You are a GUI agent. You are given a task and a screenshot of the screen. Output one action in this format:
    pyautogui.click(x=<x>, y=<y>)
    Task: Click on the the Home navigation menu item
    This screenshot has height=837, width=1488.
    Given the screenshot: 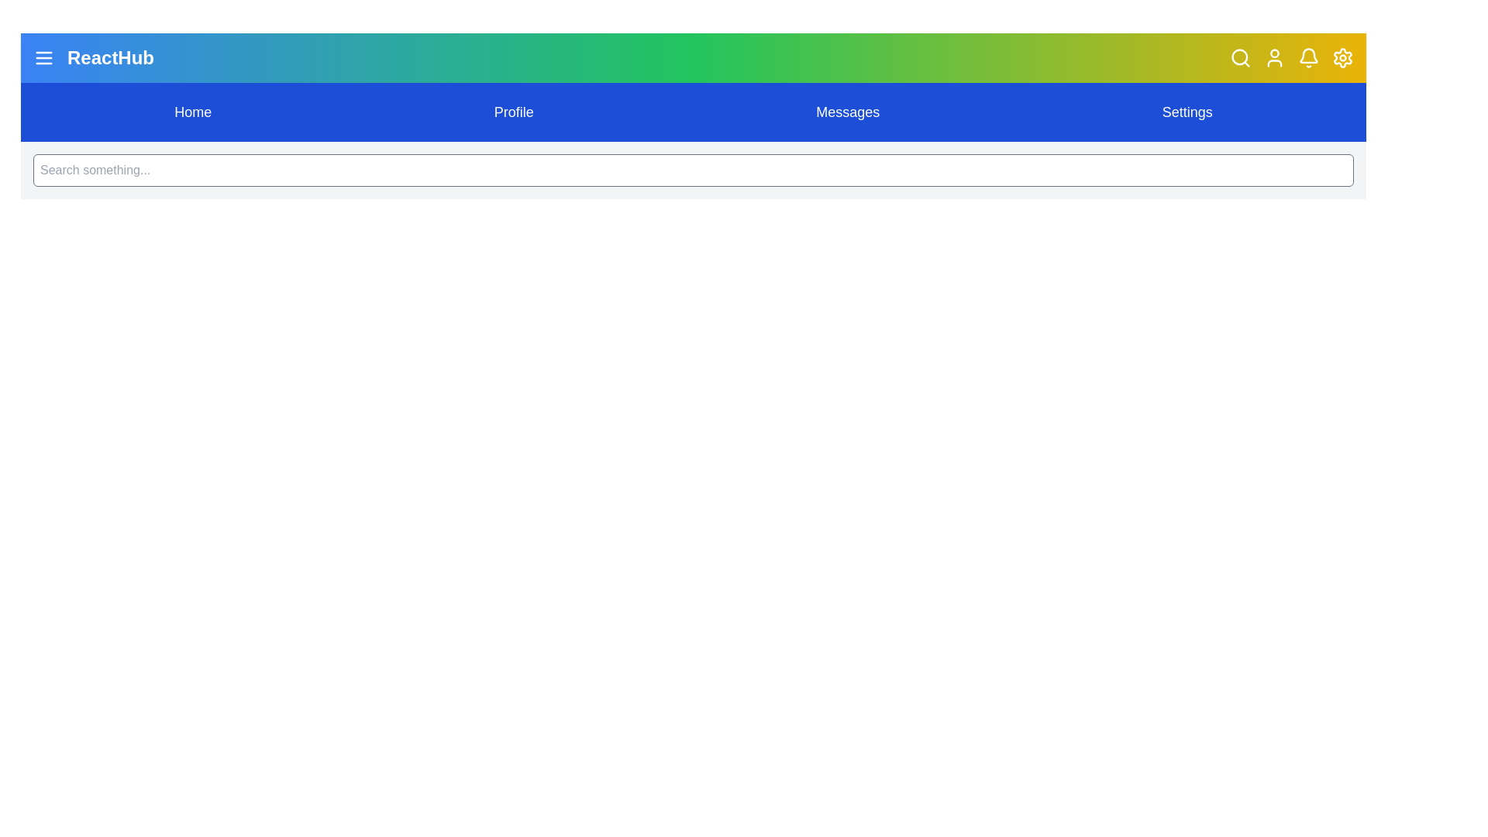 What is the action you would take?
    pyautogui.click(x=192, y=112)
    